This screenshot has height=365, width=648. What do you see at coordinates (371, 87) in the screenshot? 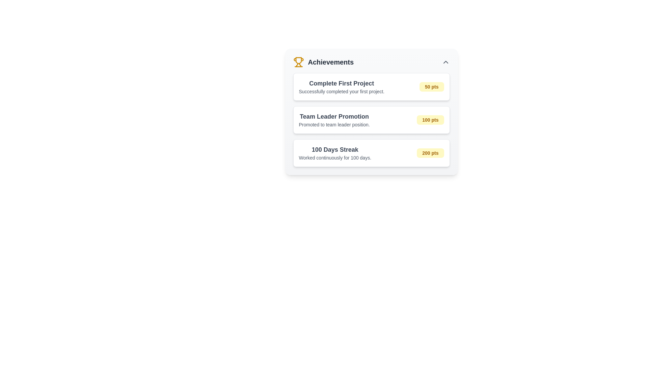
I see `Achievement record display titled 'Complete First Project' with a label showing '50 pts'` at bounding box center [371, 87].